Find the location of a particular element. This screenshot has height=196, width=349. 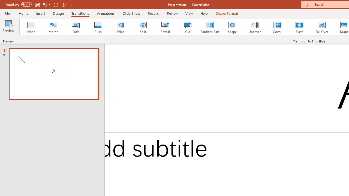

'Wipe' is located at coordinates (120, 27).